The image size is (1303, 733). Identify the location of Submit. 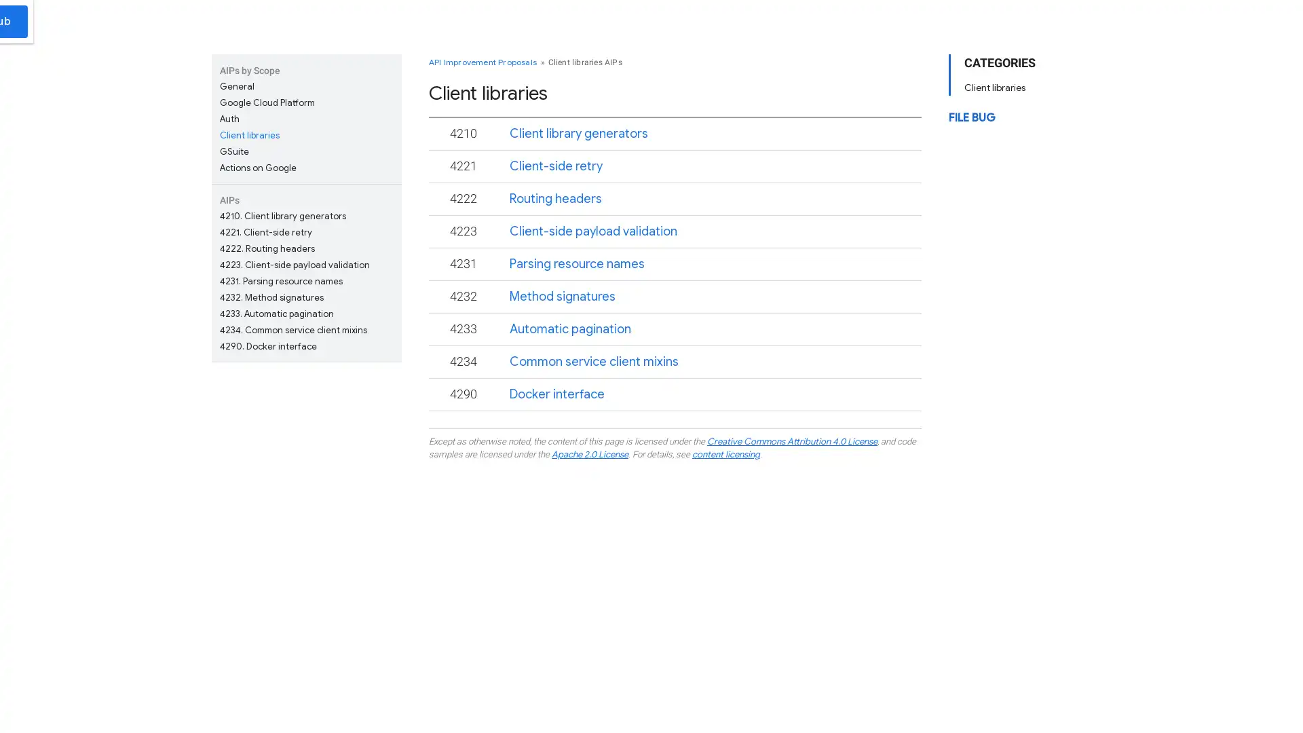
(1136, 24).